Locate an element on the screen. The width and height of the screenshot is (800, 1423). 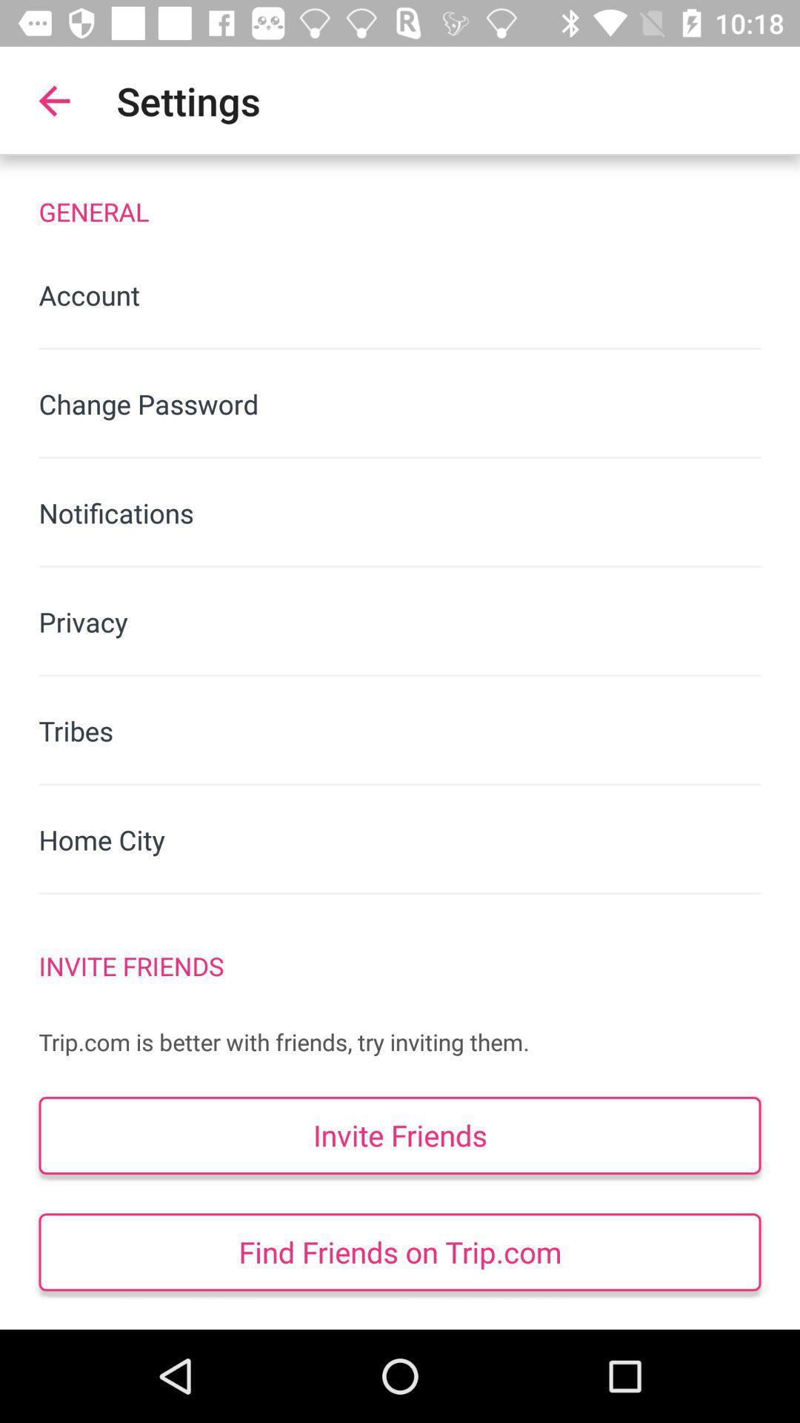
the icon below the privacy icon is located at coordinates (400, 731).